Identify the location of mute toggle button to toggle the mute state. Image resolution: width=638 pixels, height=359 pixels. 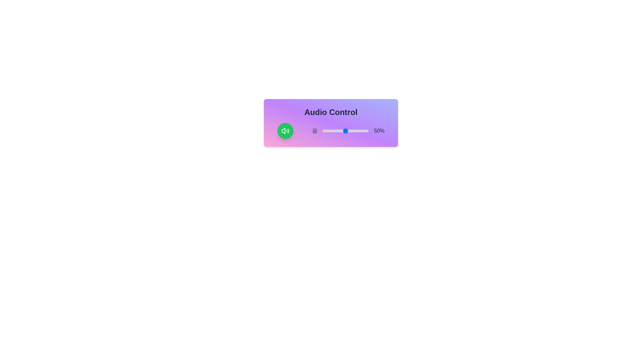
(285, 131).